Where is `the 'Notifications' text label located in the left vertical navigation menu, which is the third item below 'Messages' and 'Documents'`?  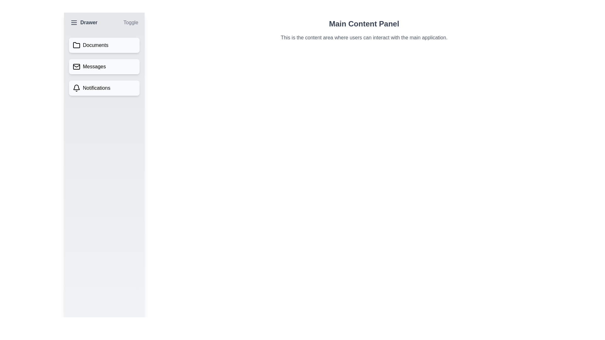
the 'Notifications' text label located in the left vertical navigation menu, which is the third item below 'Messages' and 'Documents' is located at coordinates (96, 88).